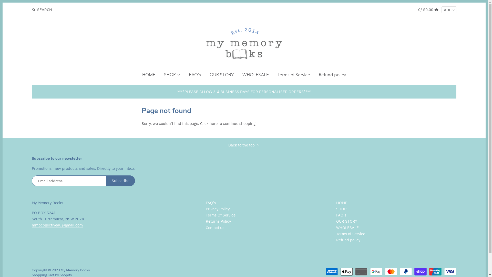  What do you see at coordinates (215, 227) in the screenshot?
I see `'Contact us'` at bounding box center [215, 227].